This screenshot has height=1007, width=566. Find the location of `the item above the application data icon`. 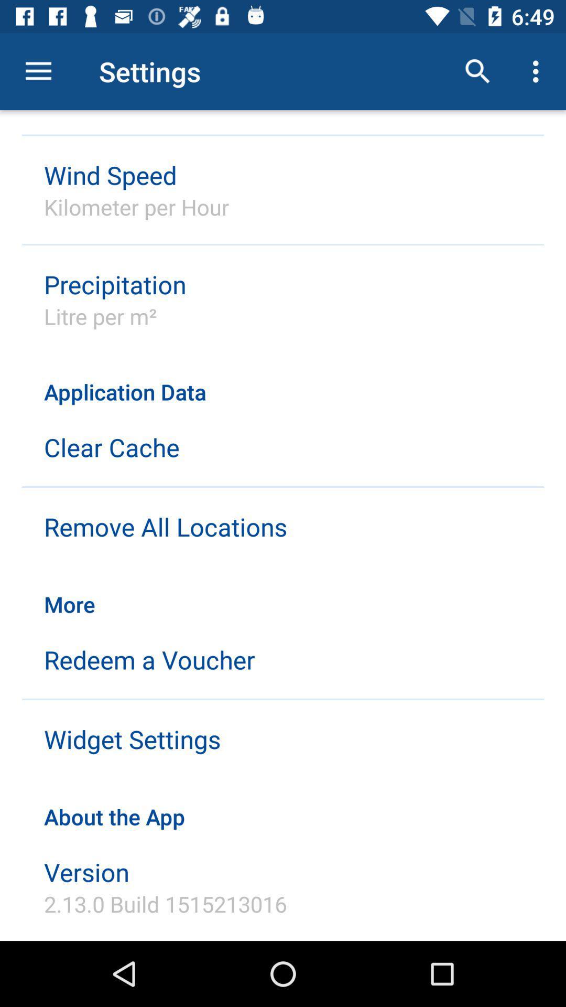

the item above the application data icon is located at coordinates (538, 71).